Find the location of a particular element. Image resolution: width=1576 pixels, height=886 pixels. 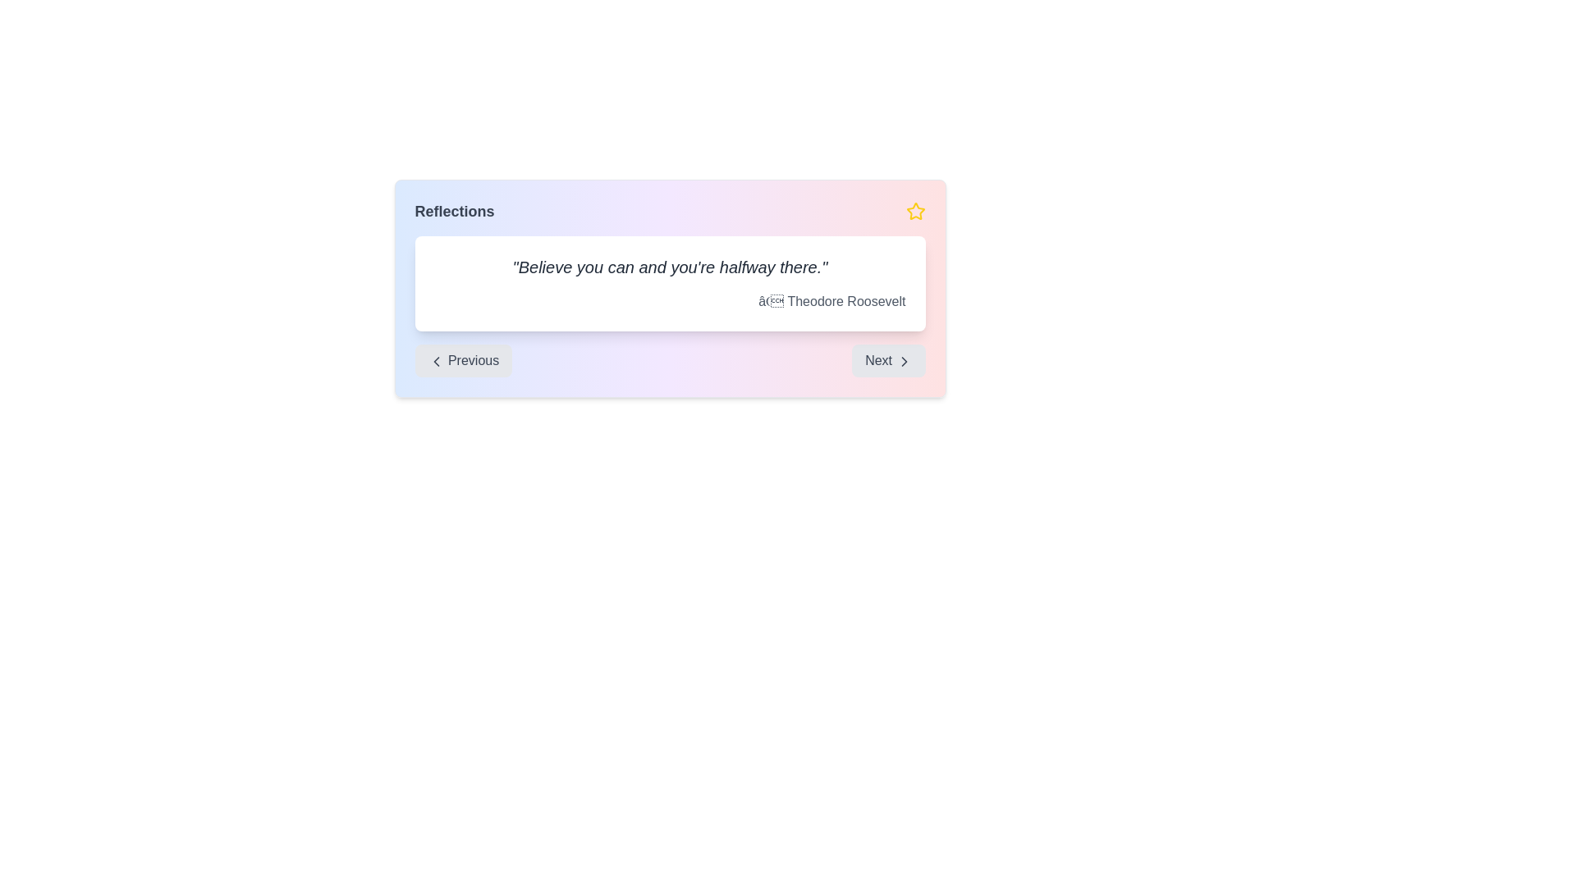

the yellow star-shaped icon located at the top right corner of the card-like section to interact with it is located at coordinates (914, 210).